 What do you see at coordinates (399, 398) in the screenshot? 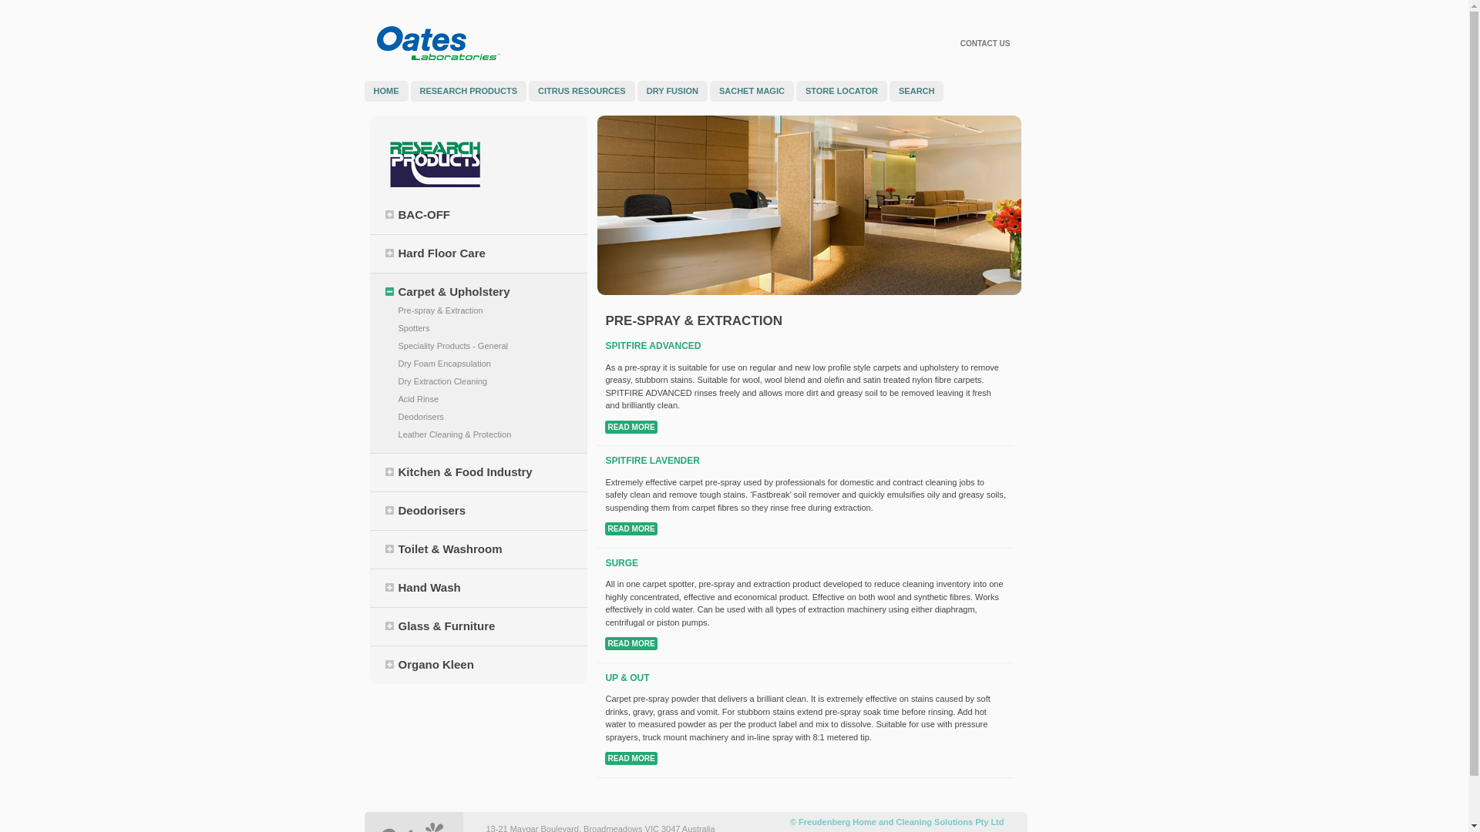
I see `'Acid Rinse'` at bounding box center [399, 398].